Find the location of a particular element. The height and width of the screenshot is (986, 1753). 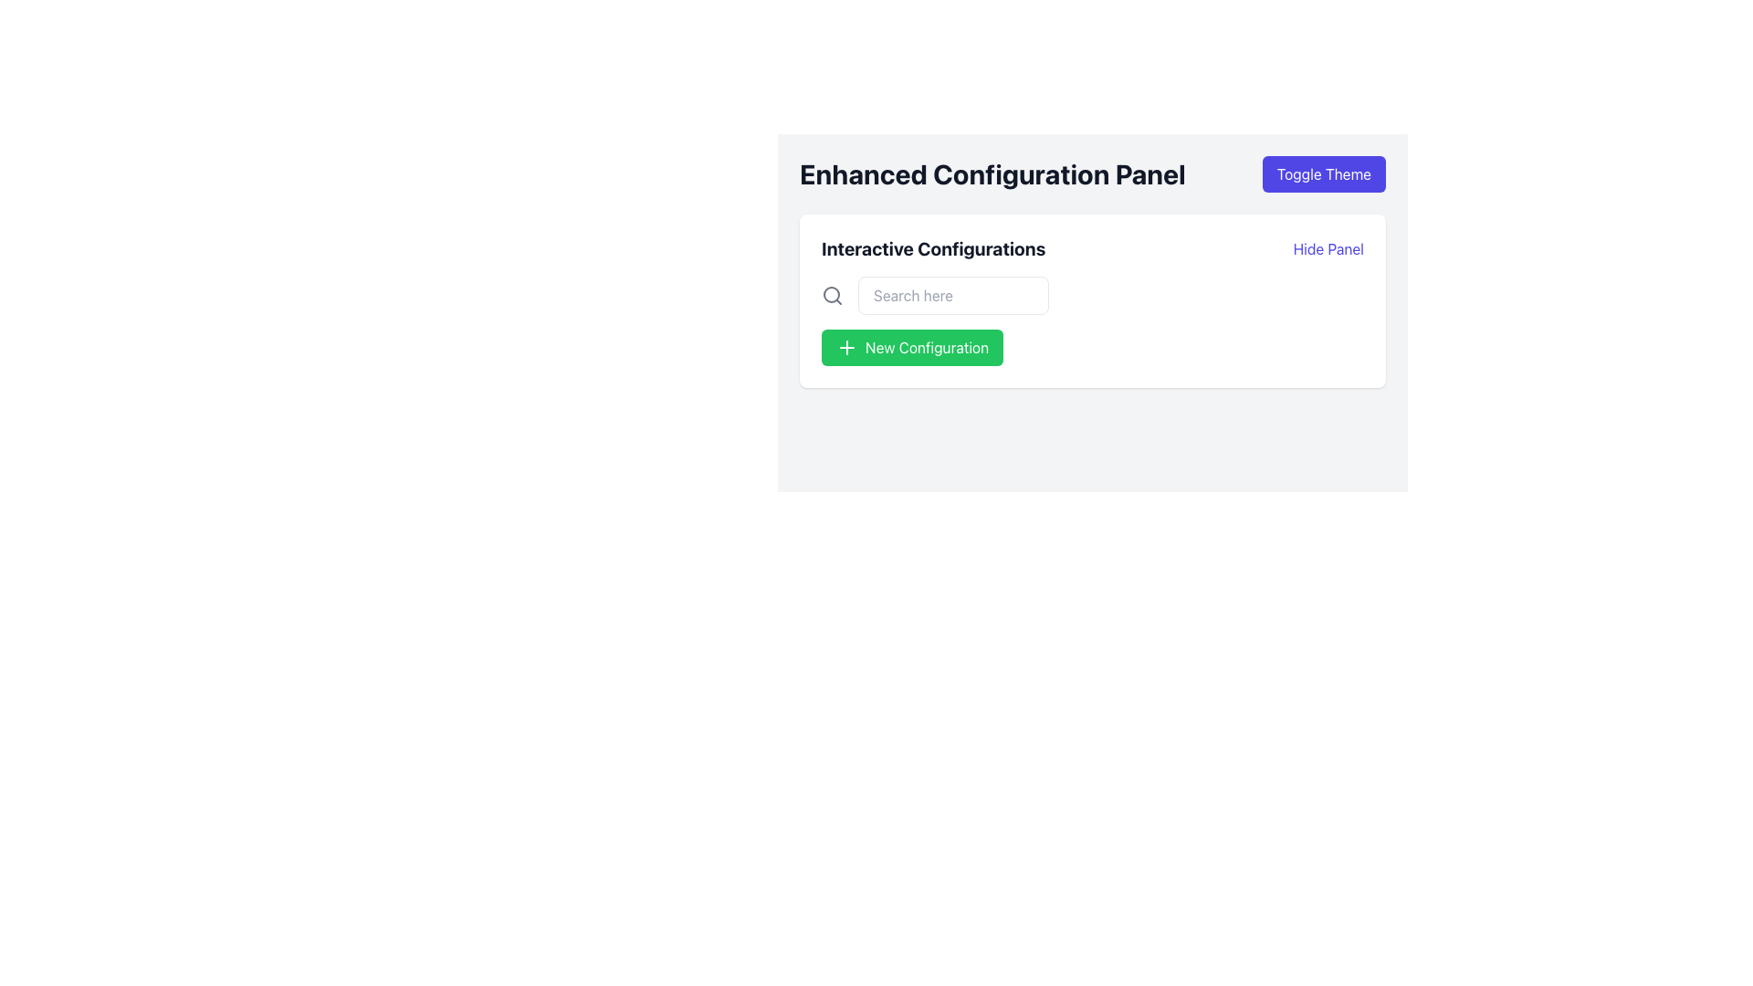

the non-interactive Text Label that serves as a heading, positioned to the left of the 'Toggle Theme' button is located at coordinates (992, 174).